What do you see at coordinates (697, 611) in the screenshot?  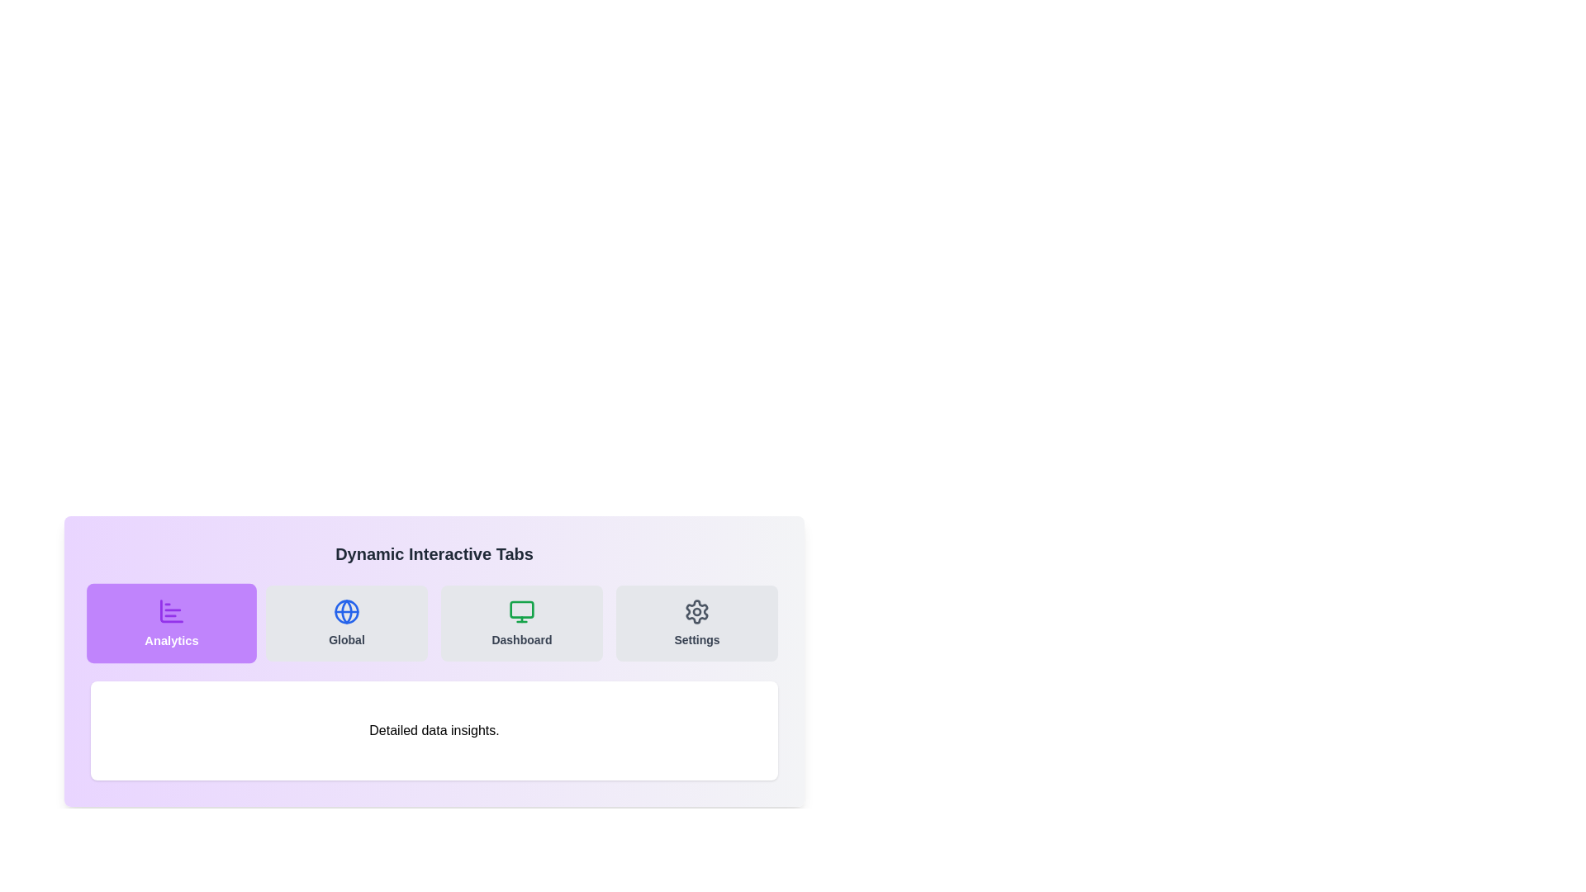 I see `the cogwheel or gear icon representing settings, which is visually styled in gray and located above the label 'Settings'` at bounding box center [697, 611].